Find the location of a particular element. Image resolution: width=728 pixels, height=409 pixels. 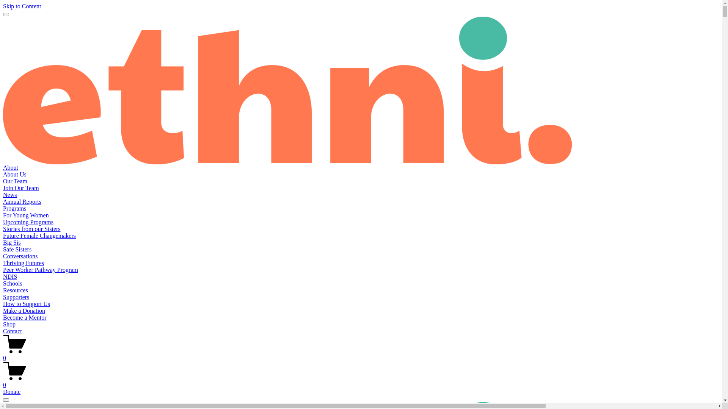

'Stories from our Sisters' is located at coordinates (31, 228).